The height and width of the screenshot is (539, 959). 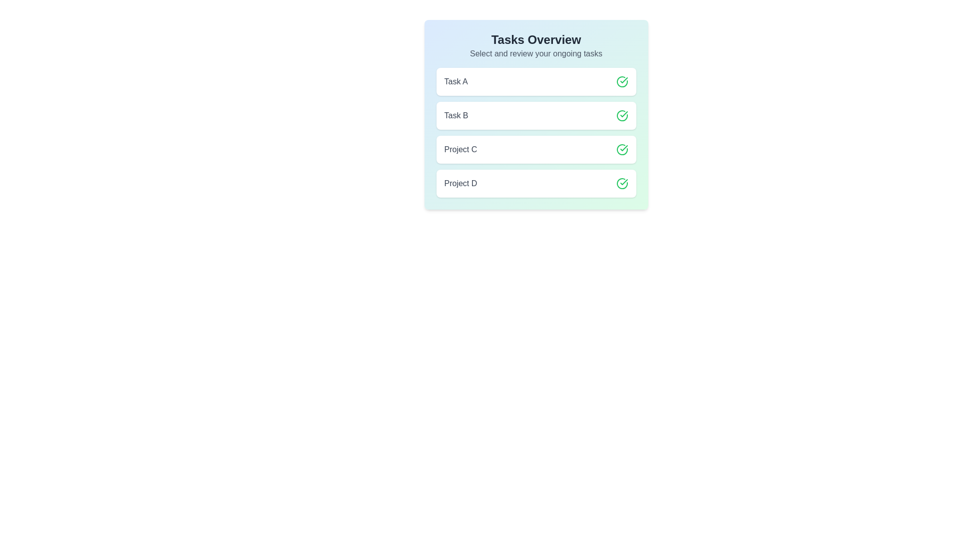 I want to click on the item labeled Task A to observe style changes, so click(x=535, y=81).